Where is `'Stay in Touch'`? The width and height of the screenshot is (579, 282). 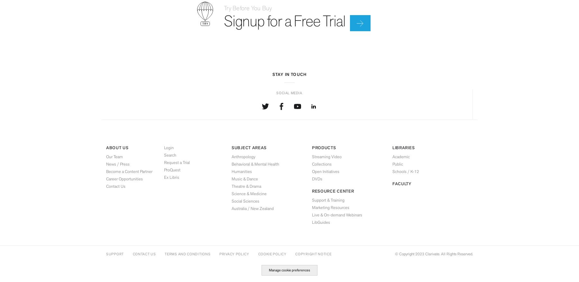
'Stay in Touch' is located at coordinates (289, 74).